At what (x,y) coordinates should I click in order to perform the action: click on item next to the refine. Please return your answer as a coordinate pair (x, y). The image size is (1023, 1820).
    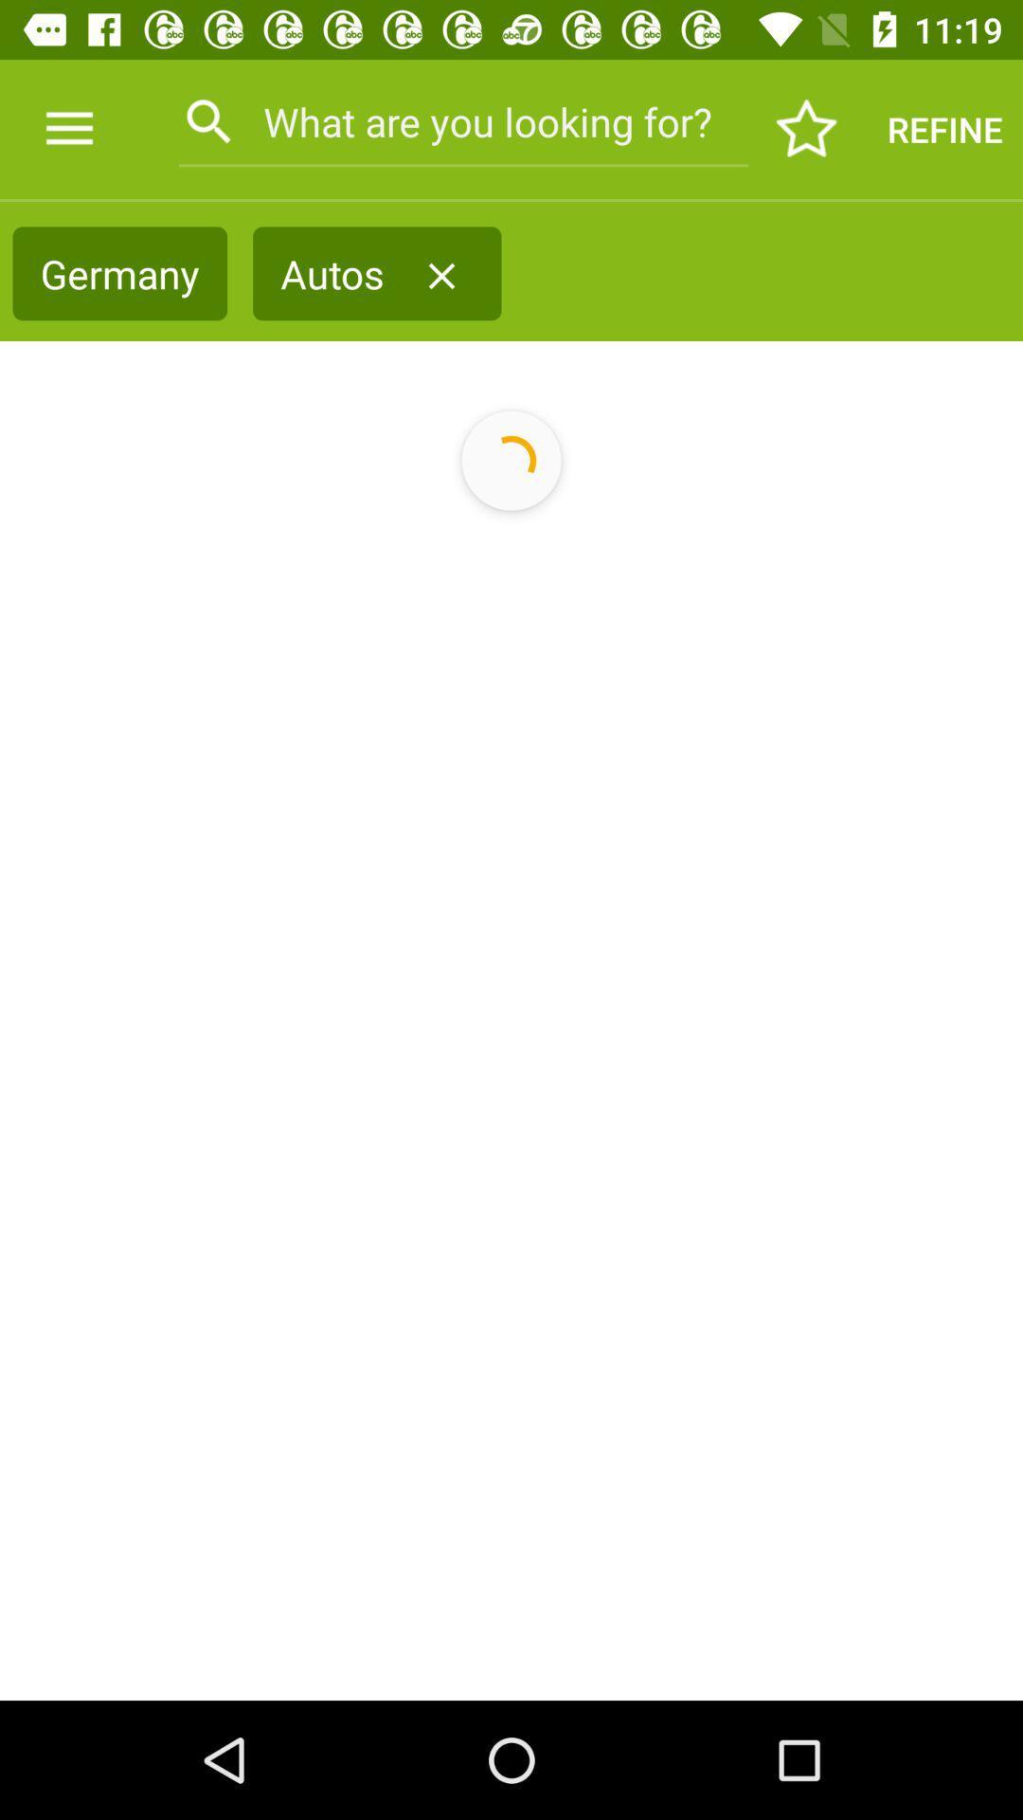
    Looking at the image, I should click on (807, 128).